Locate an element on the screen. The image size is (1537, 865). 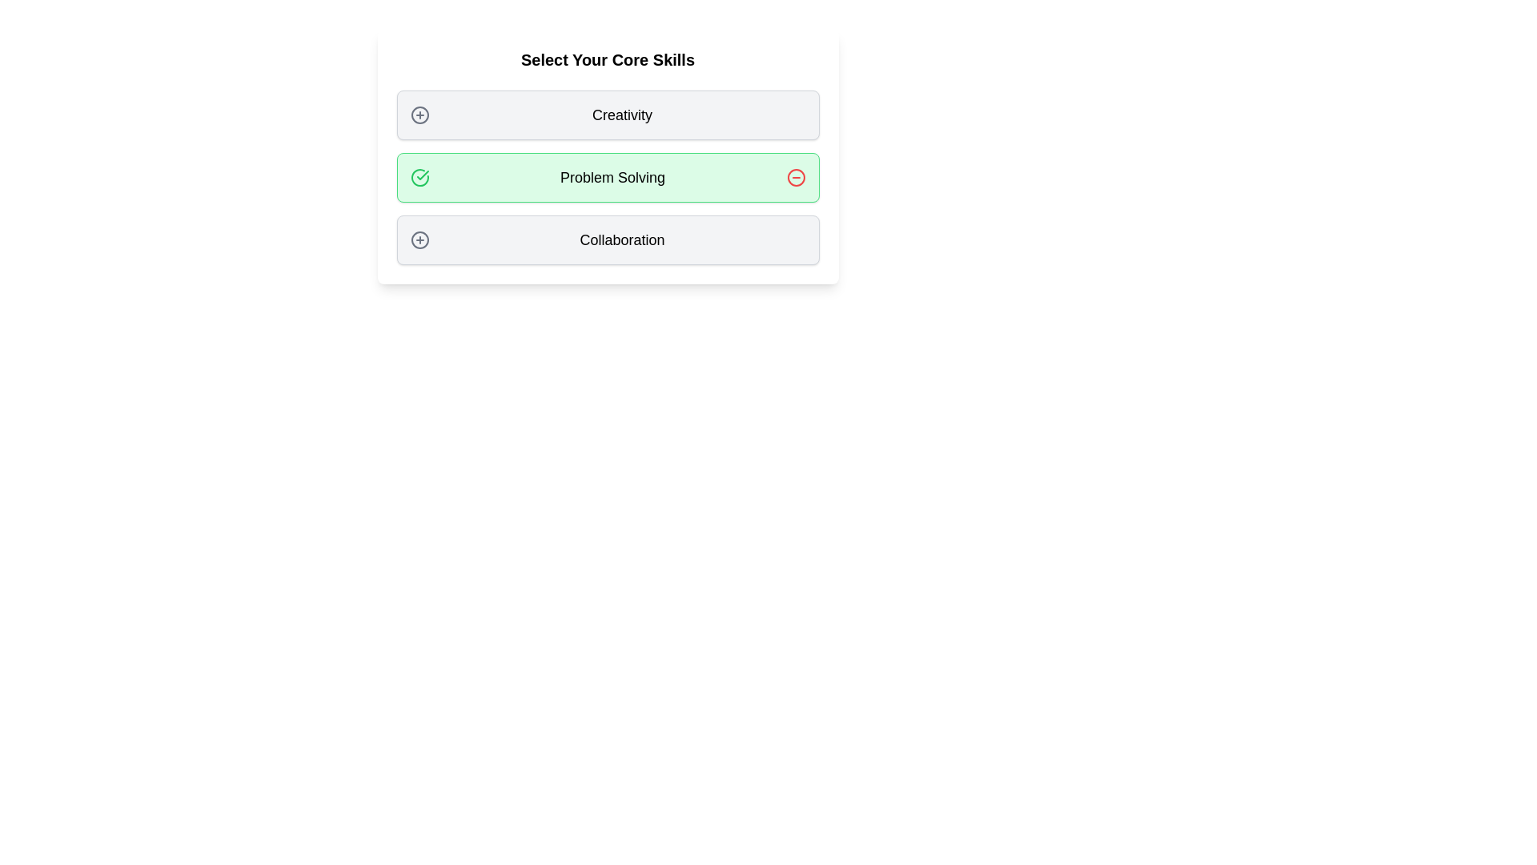
the header text 'Select Your Core Skills' to select it is located at coordinates (607, 58).